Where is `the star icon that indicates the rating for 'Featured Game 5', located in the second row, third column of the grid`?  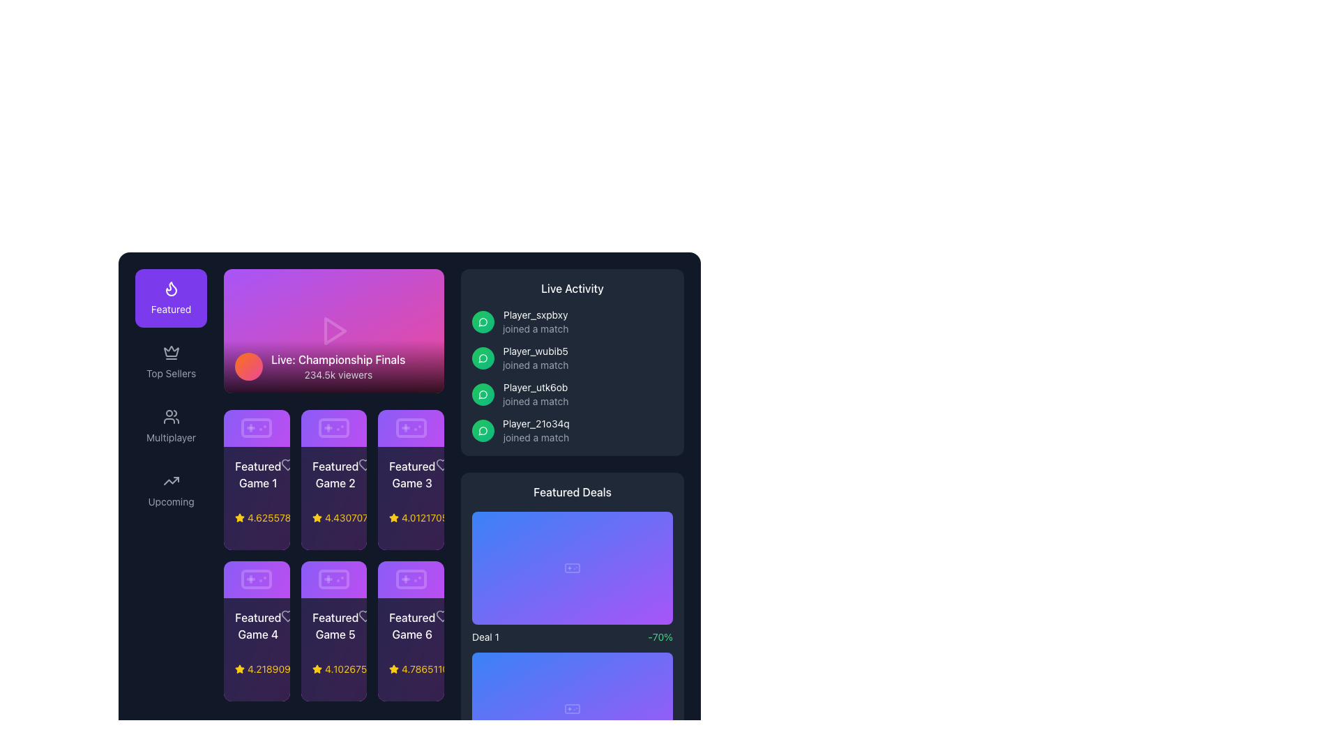 the star icon that indicates the rating for 'Featured Game 5', located in the second row, third column of the grid is located at coordinates (316, 669).